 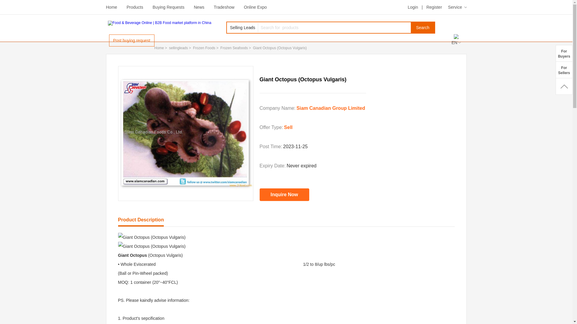 What do you see at coordinates (224, 7) in the screenshot?
I see `'Tradeshow'` at bounding box center [224, 7].